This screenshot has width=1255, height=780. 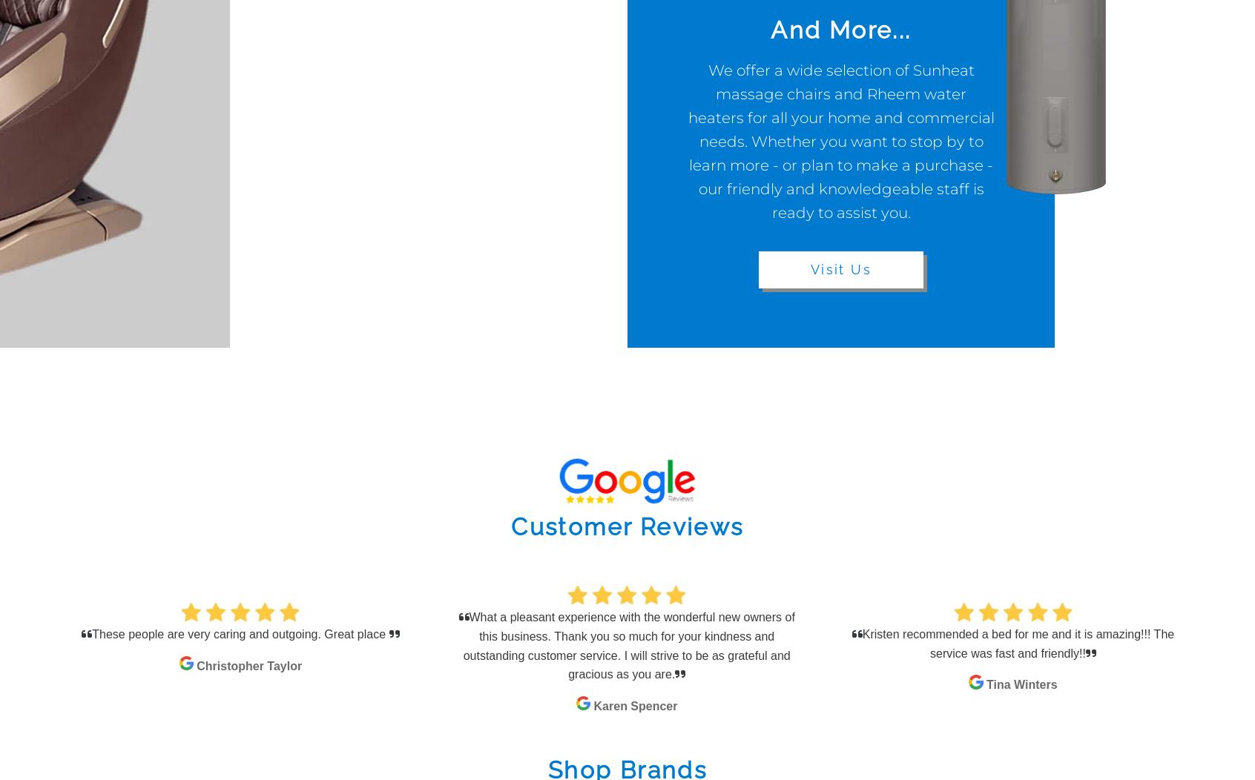 I want to click on 'These people are very caring and outgoing. Great place', so click(x=240, y=633).